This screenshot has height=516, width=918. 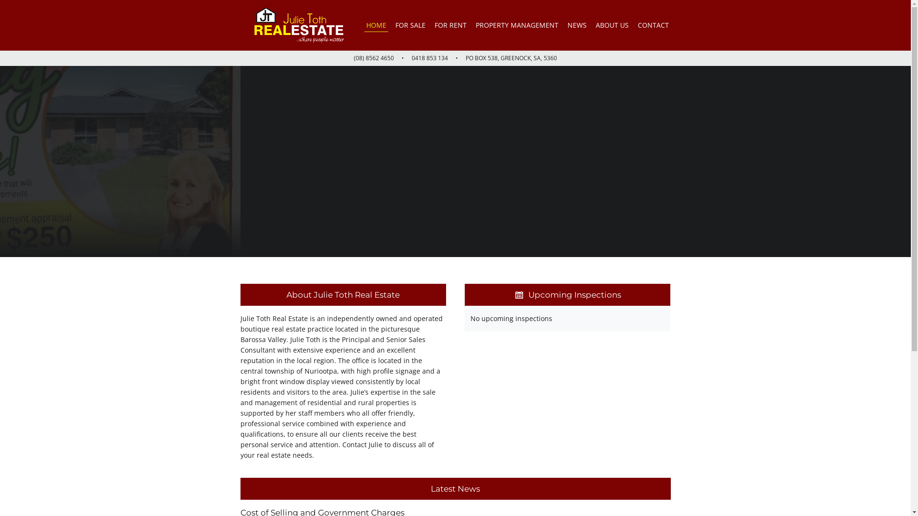 I want to click on 'HOME', so click(x=376, y=25).